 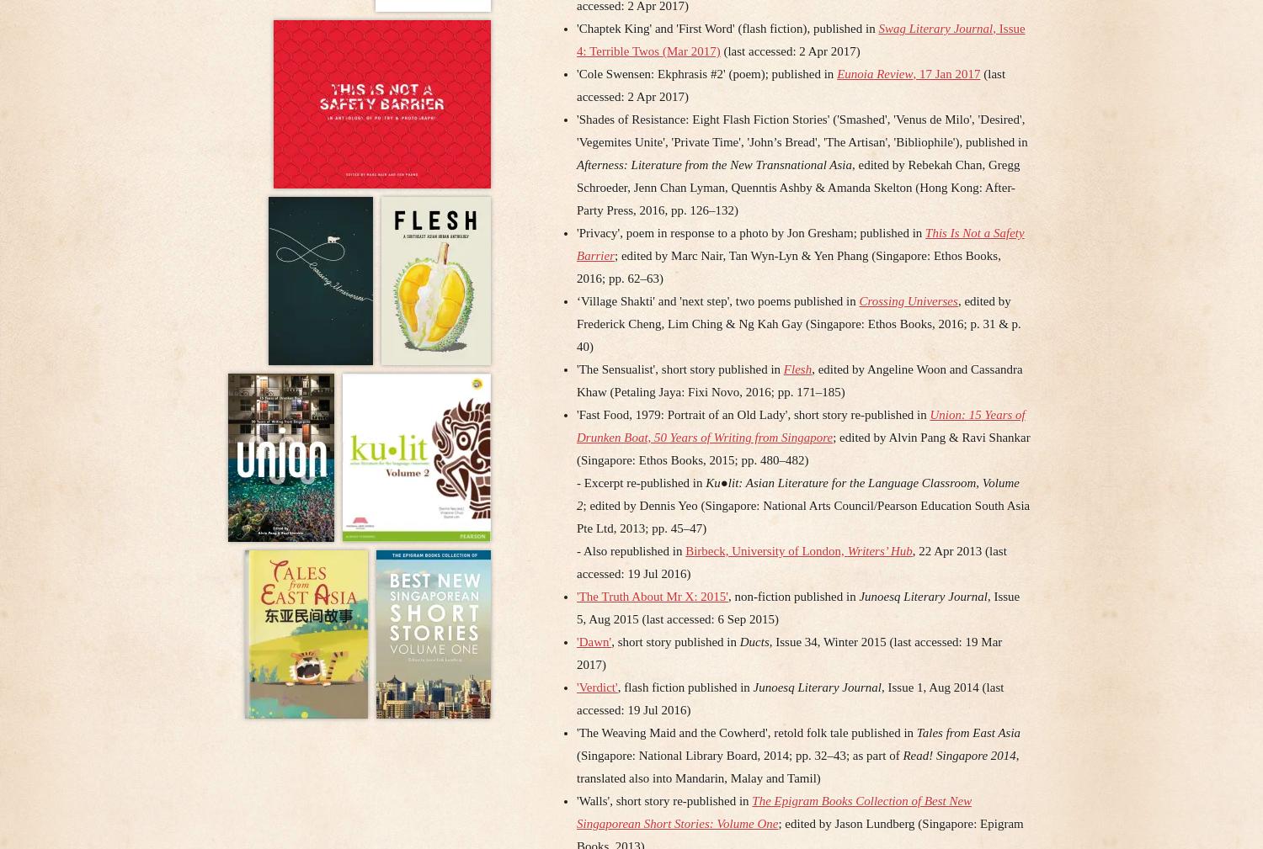 I want to click on ''The Weaving Maid and the Cowherd', retold folk tale published in', so click(x=746, y=732).